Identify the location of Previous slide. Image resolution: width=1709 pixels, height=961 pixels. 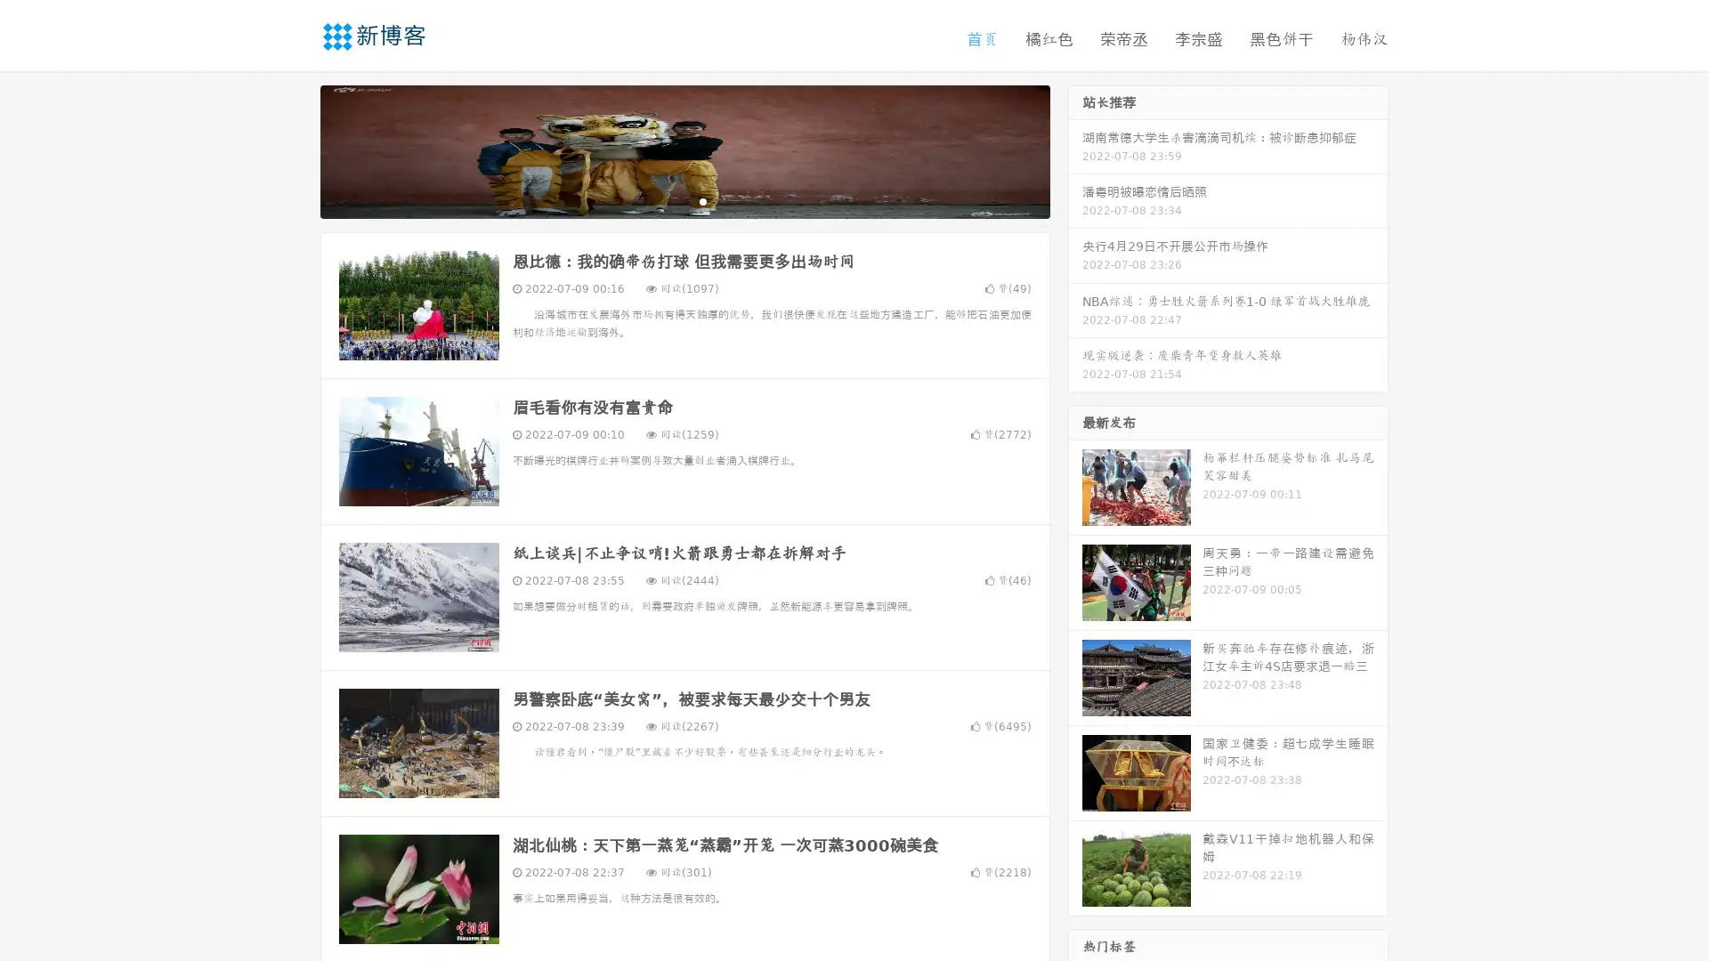
(294, 149).